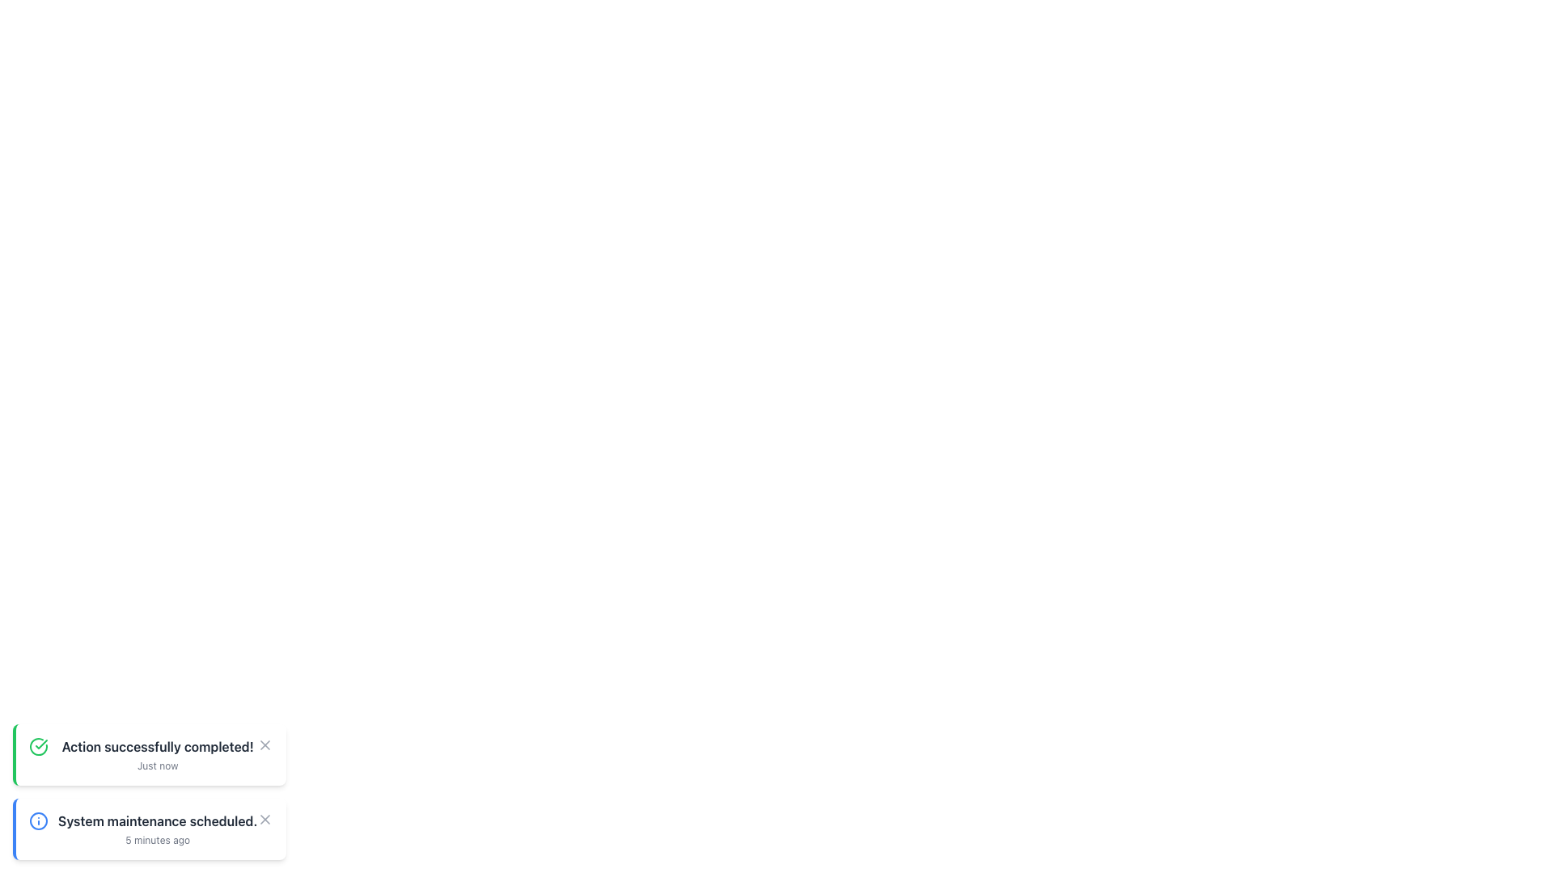 The width and height of the screenshot is (1553, 873). I want to click on the text label displaying '5 minutes ago', located below the heading 'System maintenance scheduled.' in the notification card, so click(158, 840).